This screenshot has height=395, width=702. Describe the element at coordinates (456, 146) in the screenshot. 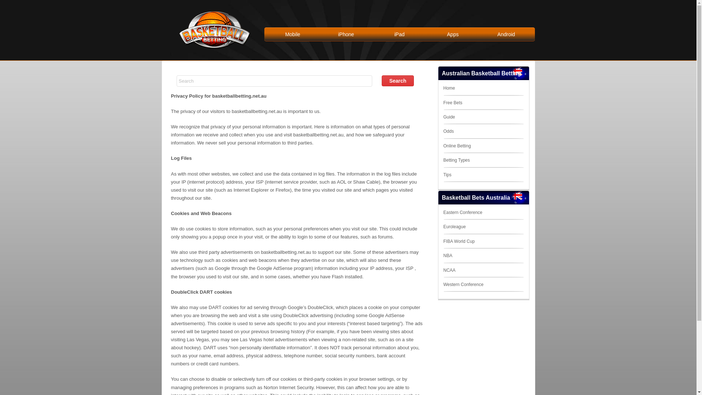

I see `'Online Betting'` at that location.